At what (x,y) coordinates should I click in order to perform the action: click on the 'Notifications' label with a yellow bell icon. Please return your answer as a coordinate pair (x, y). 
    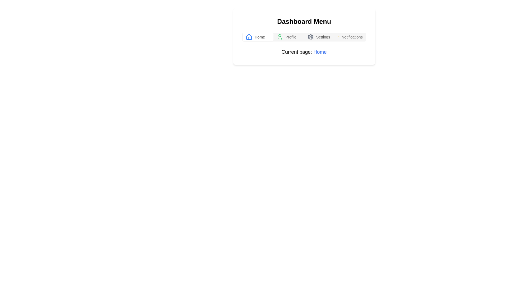
    Looking at the image, I should click on (350, 37).